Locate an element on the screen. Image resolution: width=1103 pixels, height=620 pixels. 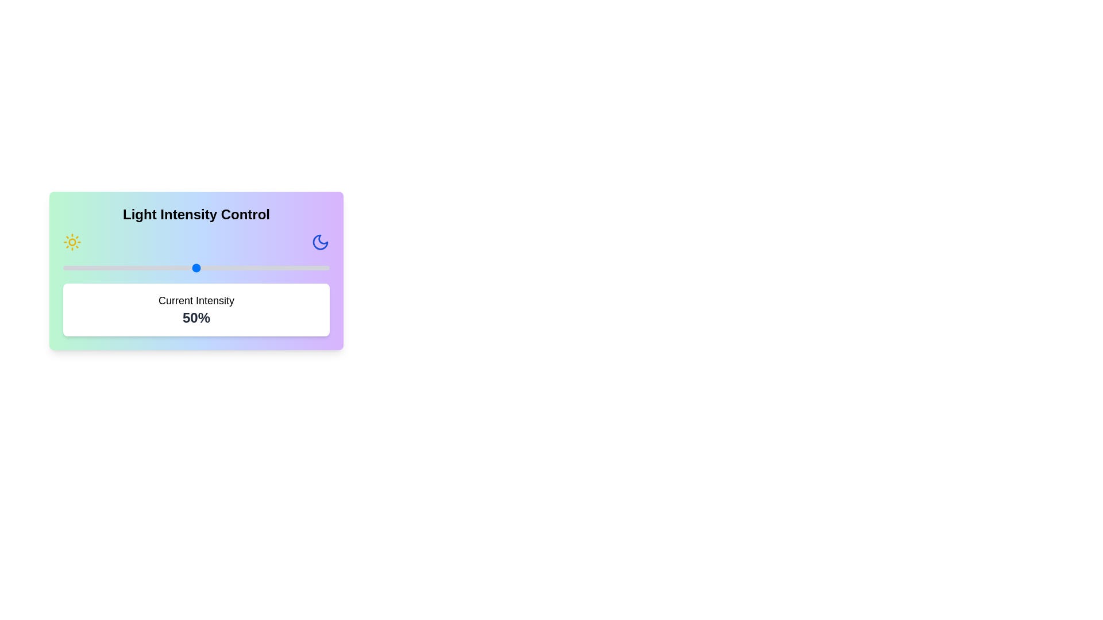
the 'Current Intensity' label which is styled with a larger font size and medium weight, located above the '50%' text inside a white rounded rectangle at the bottom-center of the interface is located at coordinates (196, 300).